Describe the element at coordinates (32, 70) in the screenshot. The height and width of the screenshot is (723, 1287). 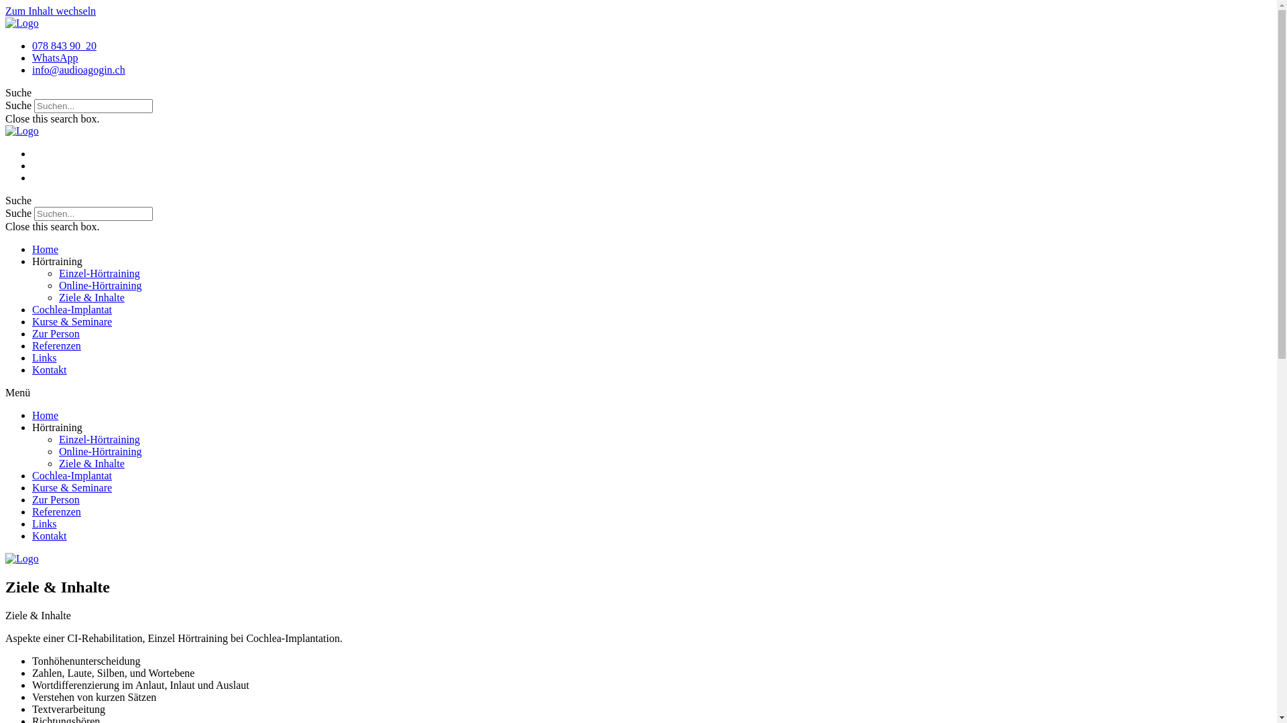
I see `'info@audioagogin.ch'` at that location.